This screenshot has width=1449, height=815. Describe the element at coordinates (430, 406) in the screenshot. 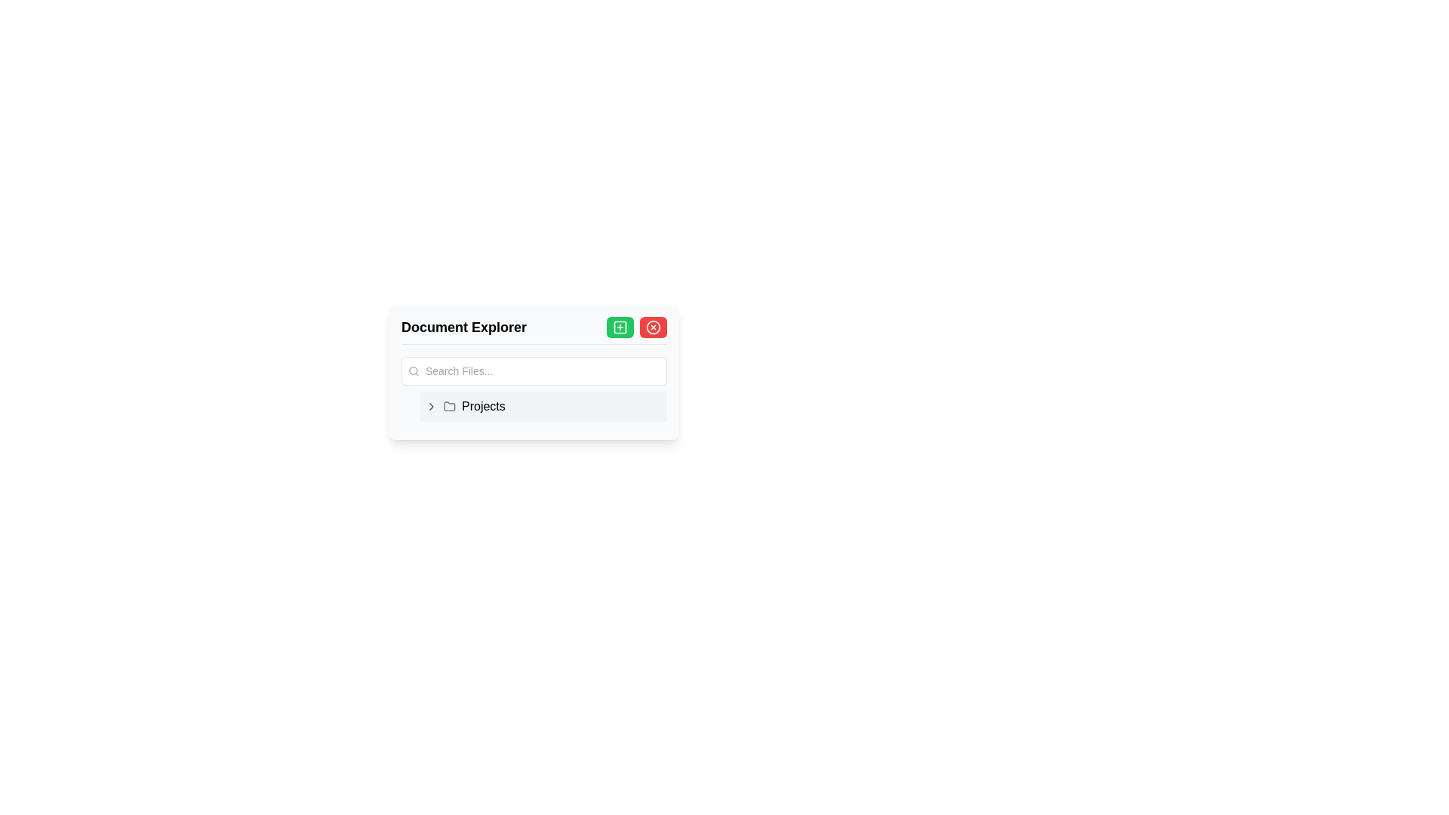

I see `the right-pointing chevron (arrow) icon located to the left of the 'Projects' text label in the 'Projects' list item to trigger any hover effects` at that location.